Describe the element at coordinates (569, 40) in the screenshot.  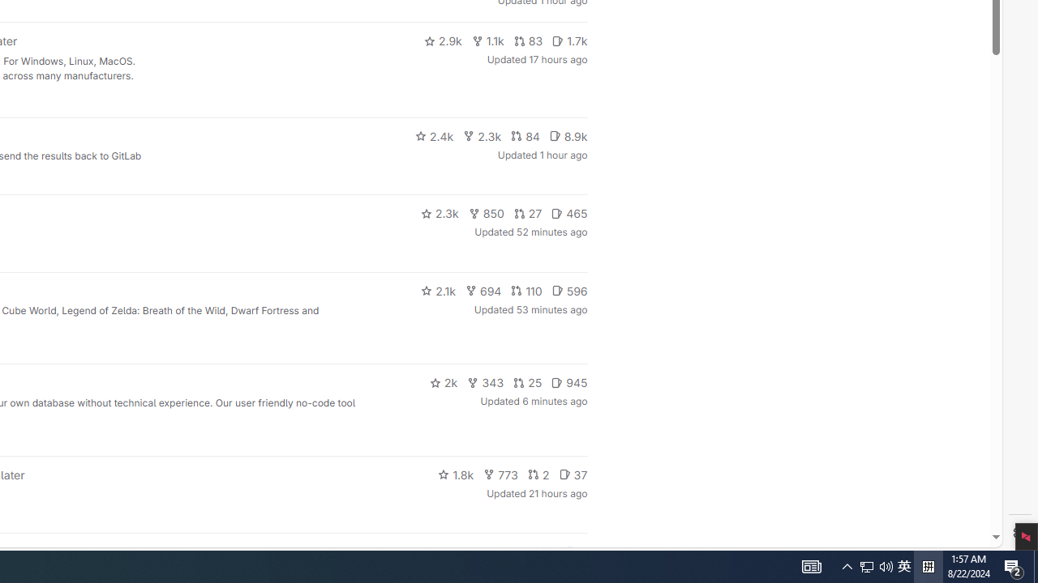
I see `'1.7k'` at that location.